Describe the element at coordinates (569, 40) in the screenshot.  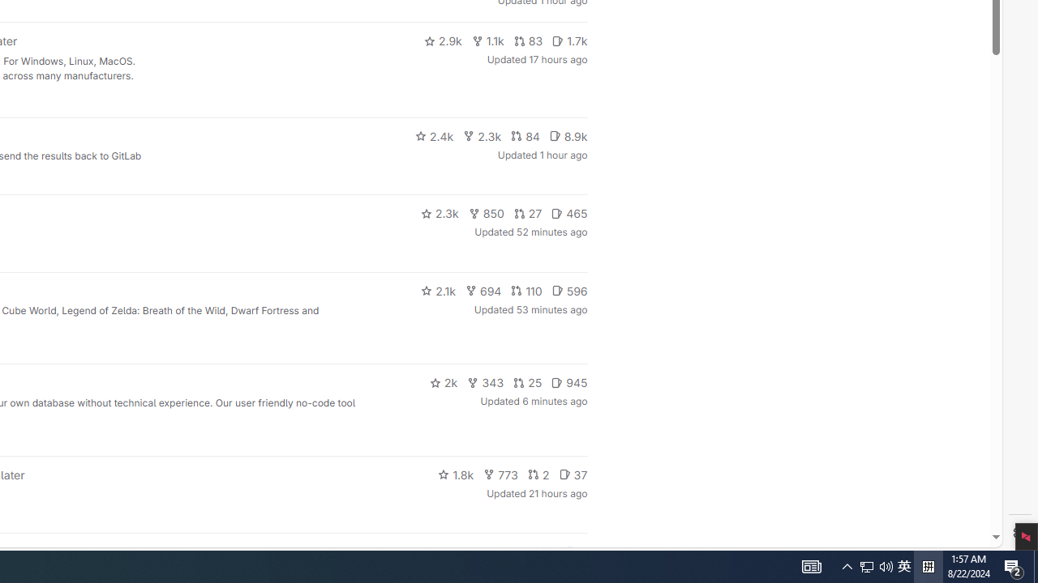
I see `'1.7k'` at that location.